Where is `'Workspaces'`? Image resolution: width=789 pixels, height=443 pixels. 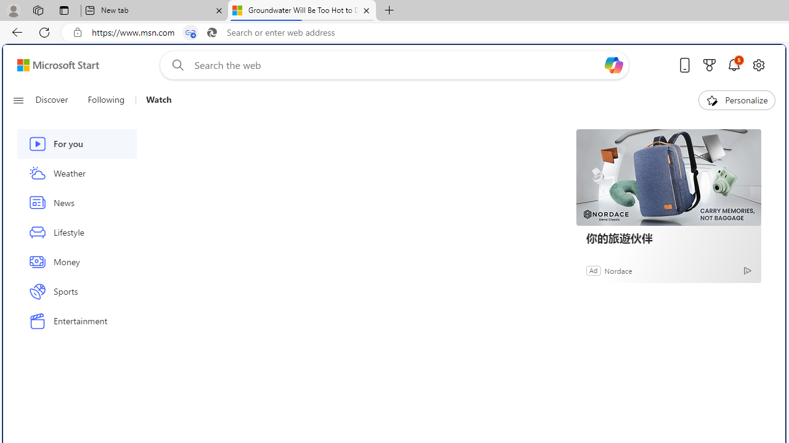
'Workspaces' is located at coordinates (38, 10).